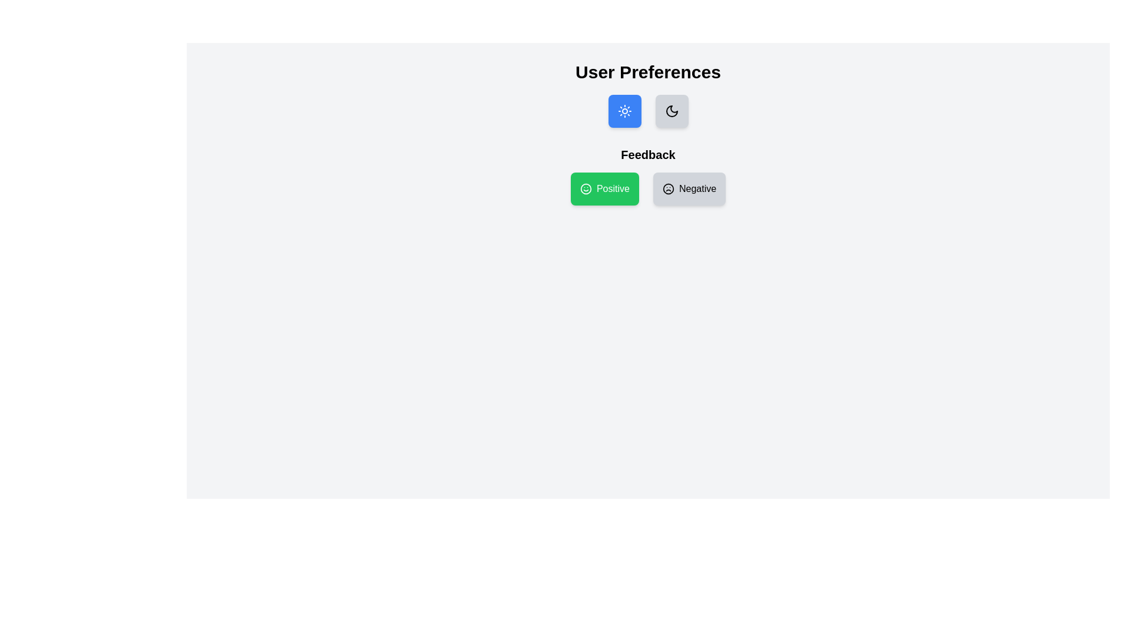  What do you see at coordinates (605, 188) in the screenshot?
I see `the green 'Positive' button with rounded edges that displays a smile icon and white text, located below the 'User Preferences' heading` at bounding box center [605, 188].